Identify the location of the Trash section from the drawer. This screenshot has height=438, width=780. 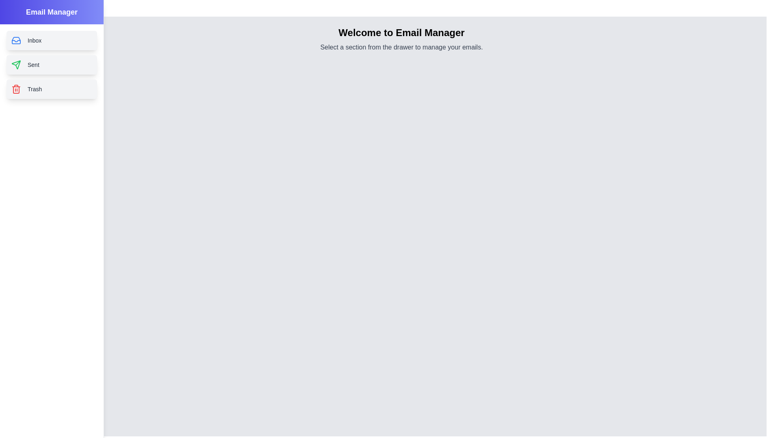
(51, 89).